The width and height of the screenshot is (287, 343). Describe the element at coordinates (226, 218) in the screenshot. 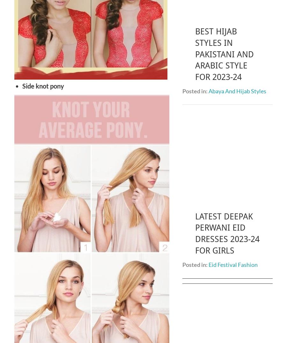

I see `'Maya Ali Biography  | Age, Height, Boyfriend, Personal Life, Career 2023'` at that location.